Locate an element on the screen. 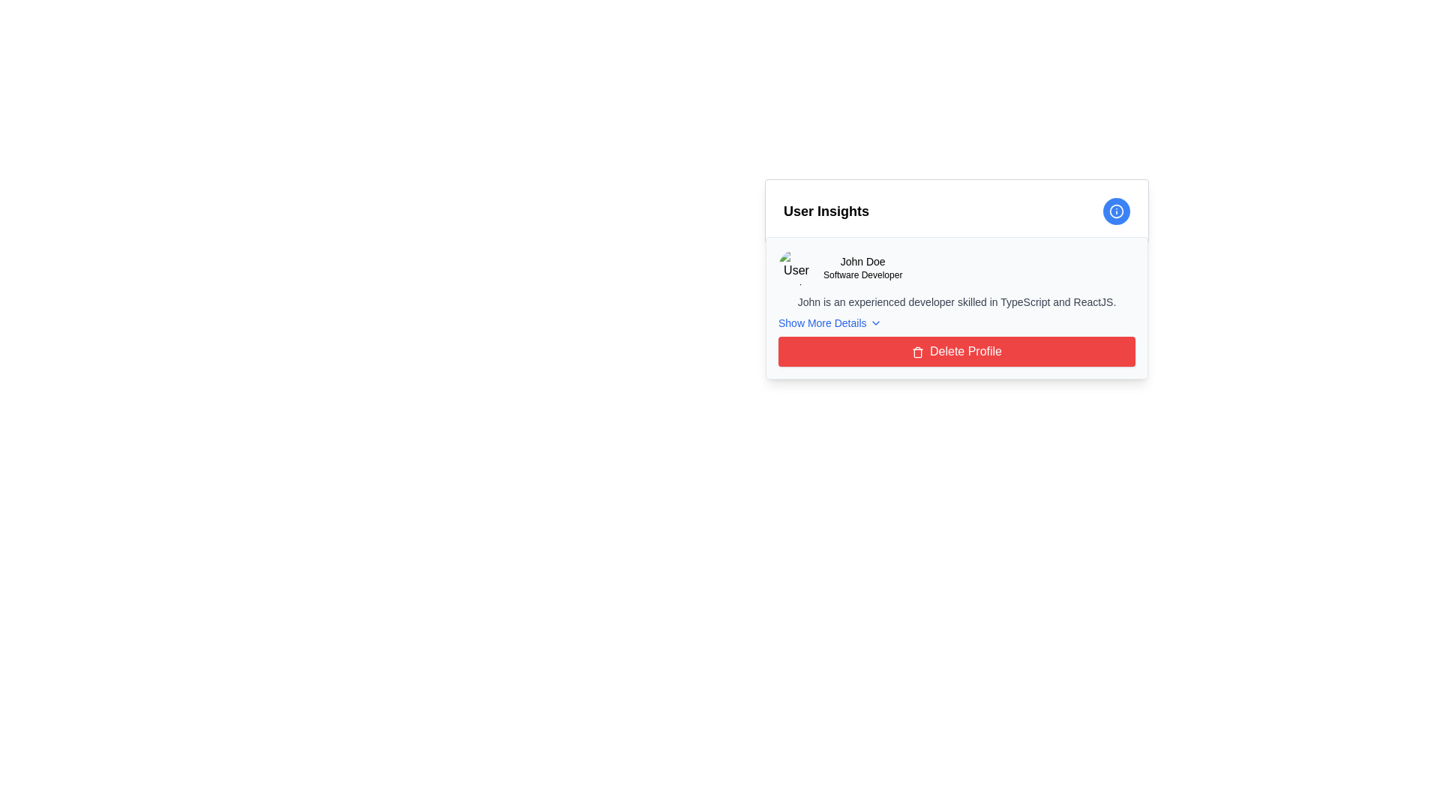 This screenshot has height=810, width=1440. the interactive button located in the top-right corner of the 'User Insights' section, next to the header text 'User Insights' is located at coordinates (1116, 211).